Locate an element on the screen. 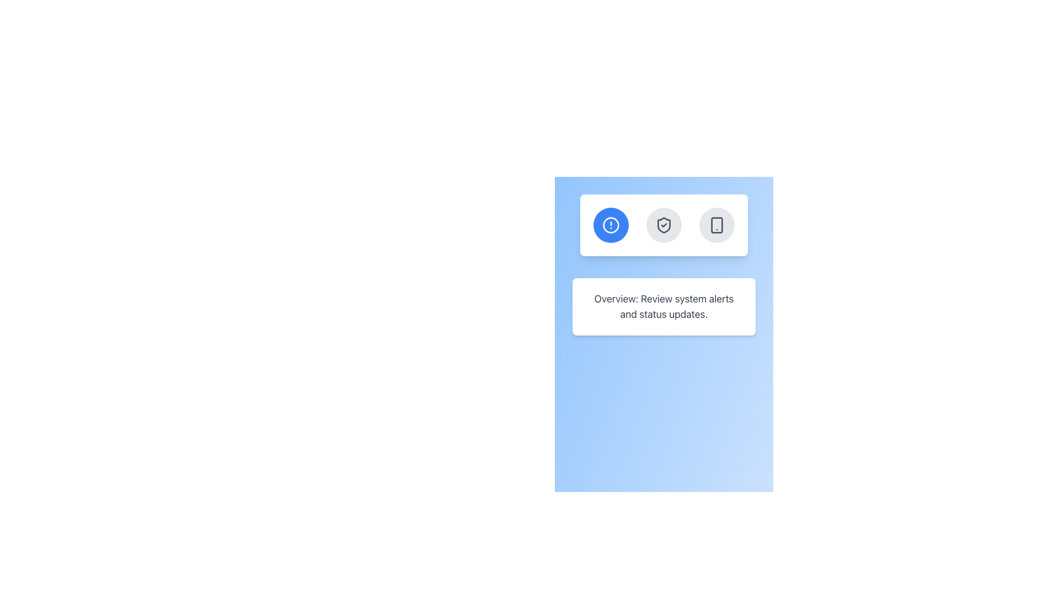  the circular warning icon with a blue background and white exclamation mark, positioned as the first icon in a group of three is located at coordinates (611, 224).